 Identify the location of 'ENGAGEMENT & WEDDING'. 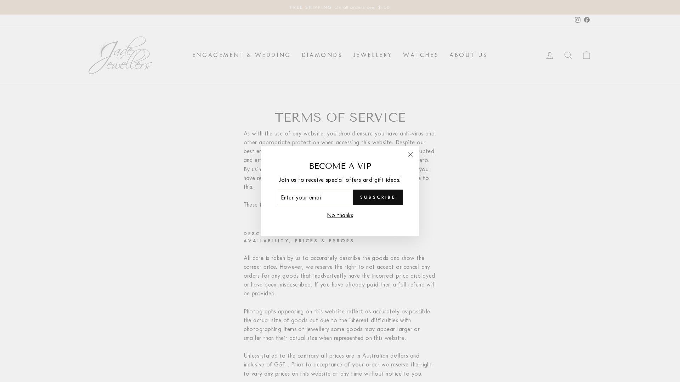
(242, 54).